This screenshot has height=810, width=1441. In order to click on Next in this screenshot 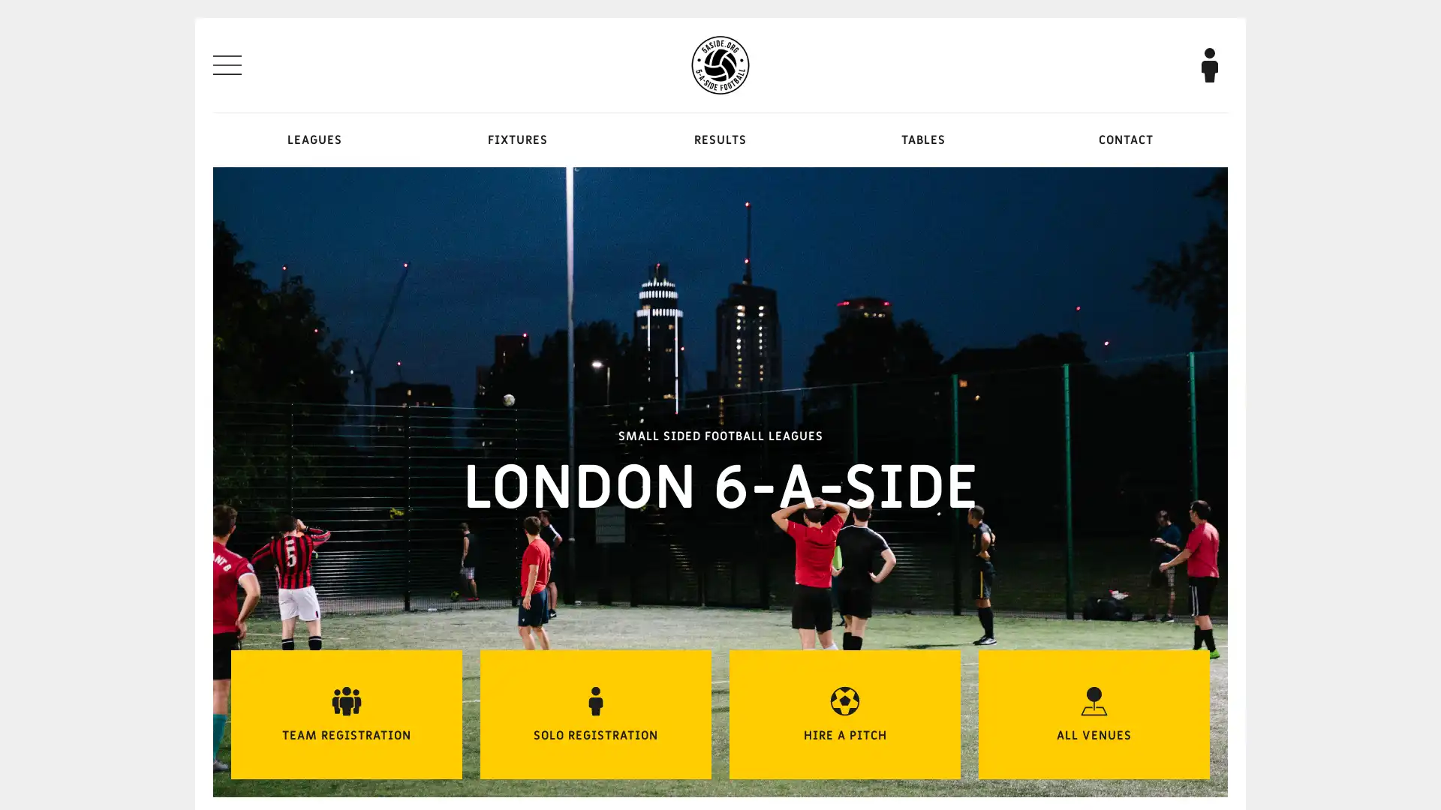, I will do `click(1239, 482)`.